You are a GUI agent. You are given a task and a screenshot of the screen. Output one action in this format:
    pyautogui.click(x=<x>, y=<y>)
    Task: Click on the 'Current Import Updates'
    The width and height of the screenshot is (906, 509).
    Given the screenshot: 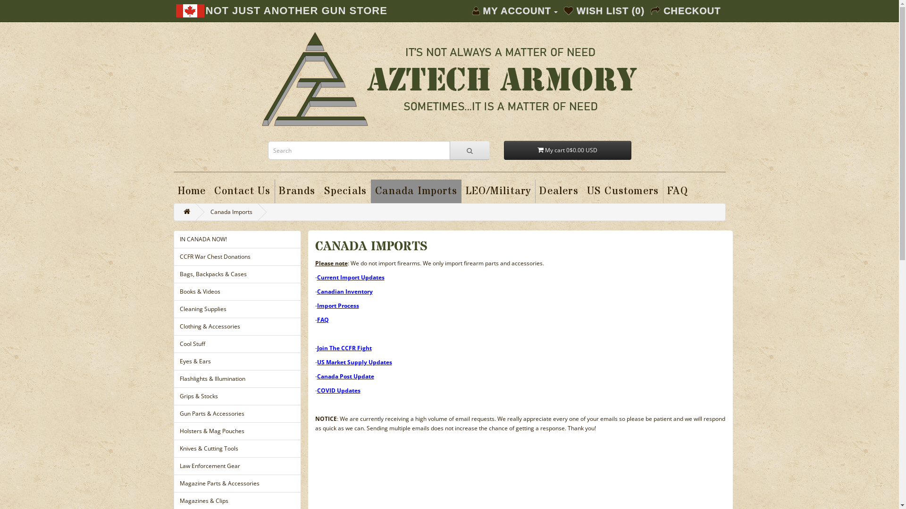 What is the action you would take?
    pyautogui.click(x=350, y=277)
    